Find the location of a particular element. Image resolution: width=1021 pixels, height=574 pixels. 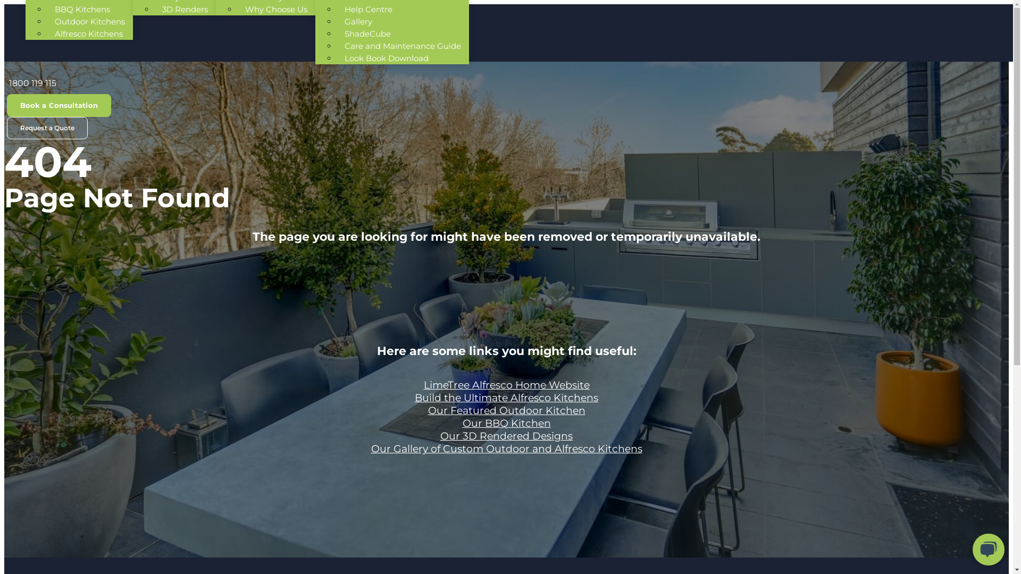

'LimeTree Alfresco Home Website' is located at coordinates (505, 385).